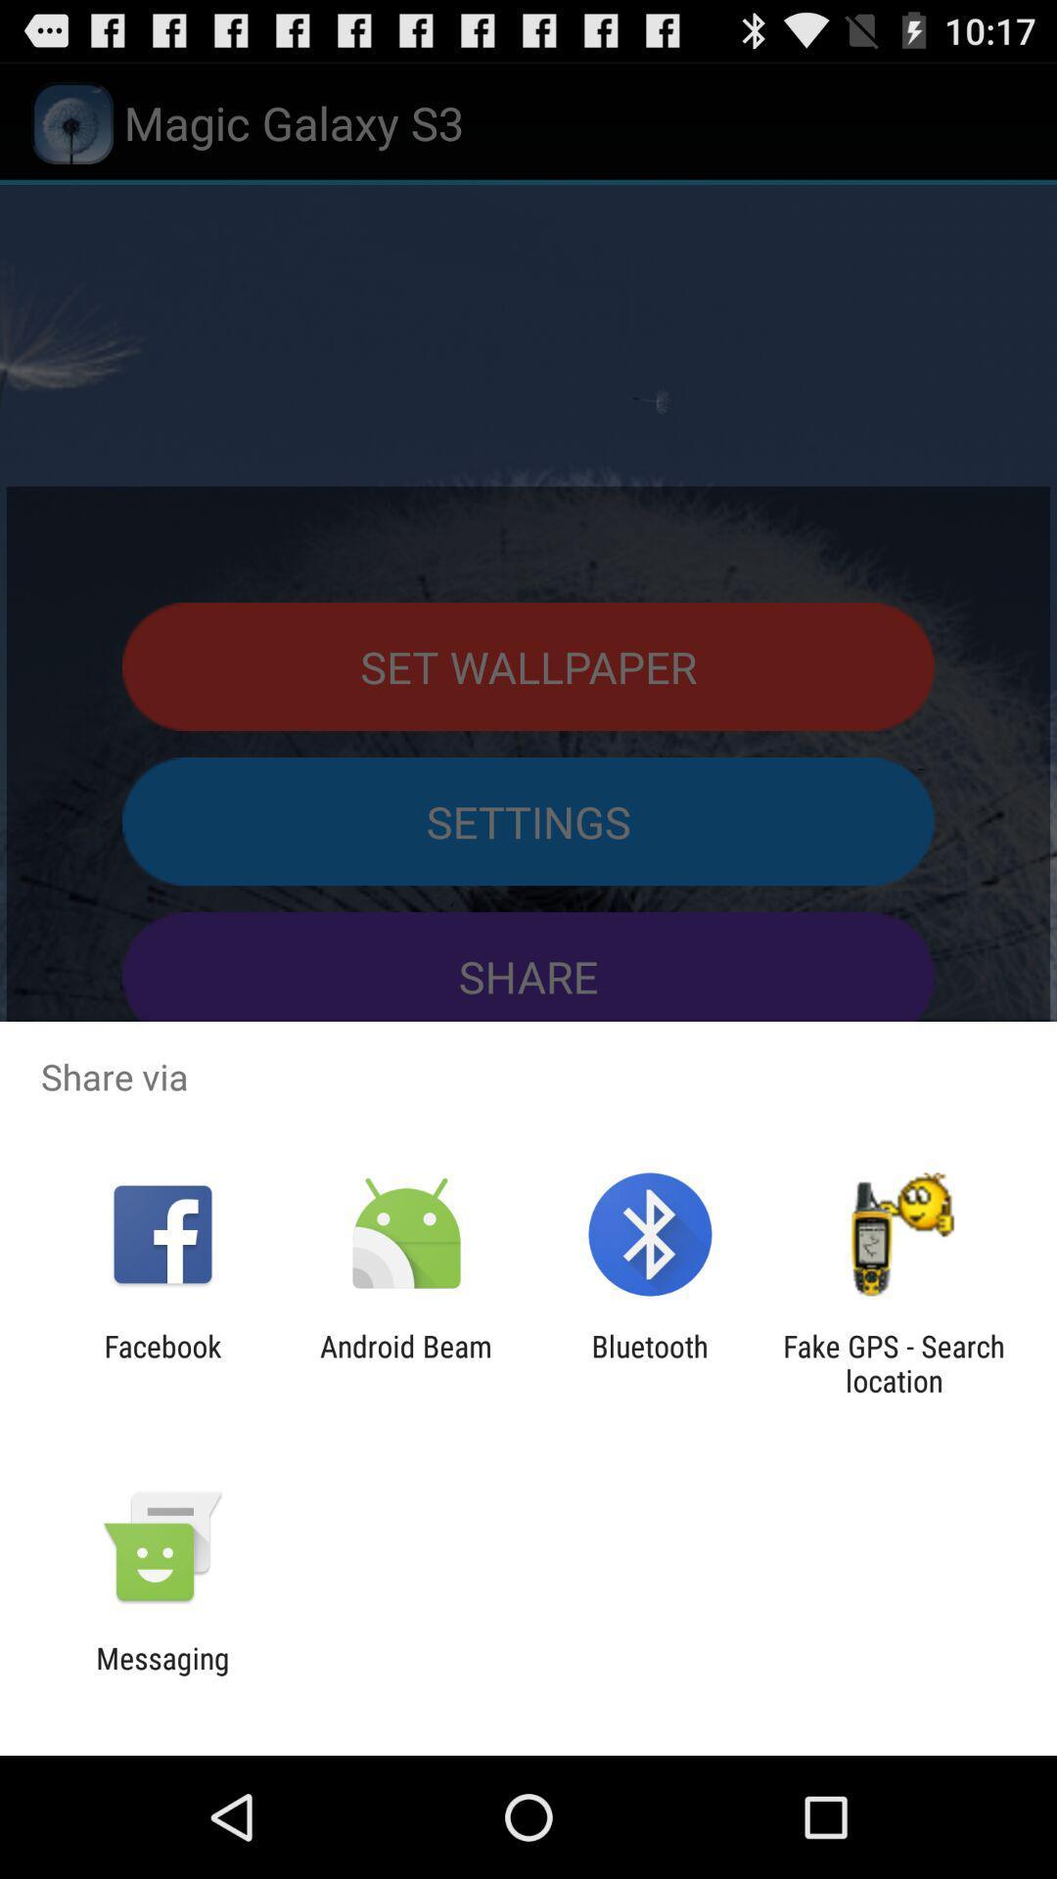  I want to click on app next to the bluetooth app, so click(894, 1362).